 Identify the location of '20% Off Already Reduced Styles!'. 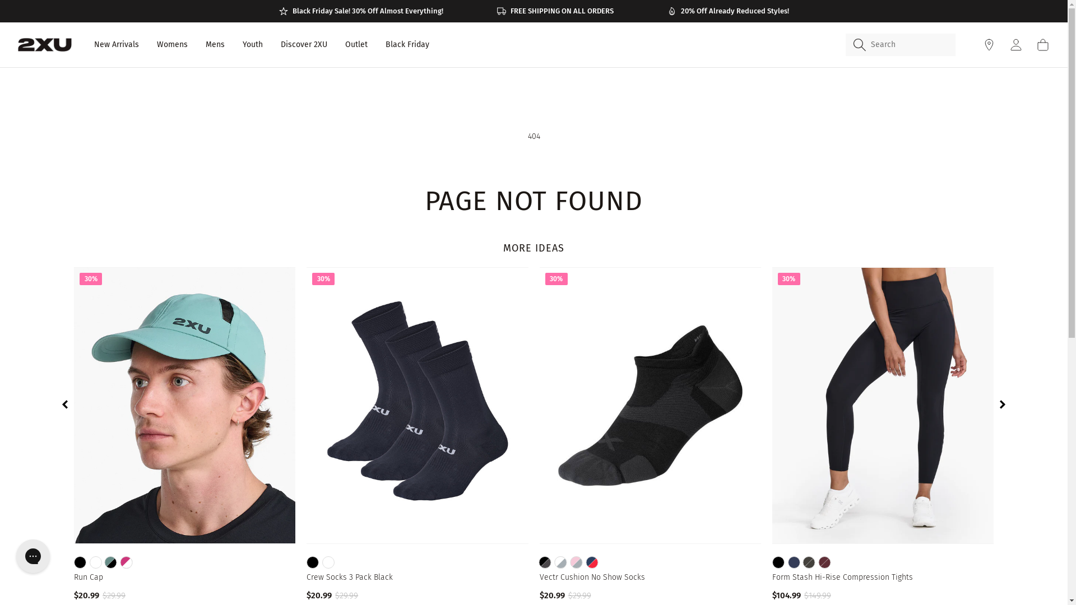
(727, 11).